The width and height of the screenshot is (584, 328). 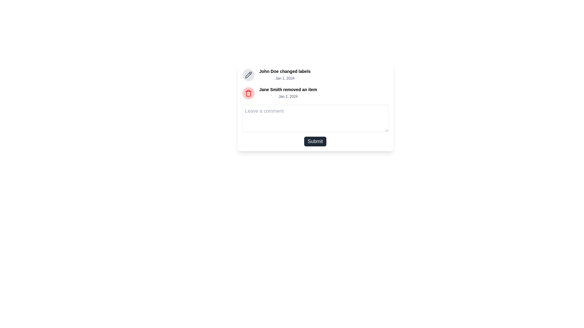 I want to click on the Text Label that communicates the action performed by 'Jane Smith' involving the removal of an item, located centrally in the interface, so click(x=288, y=89).